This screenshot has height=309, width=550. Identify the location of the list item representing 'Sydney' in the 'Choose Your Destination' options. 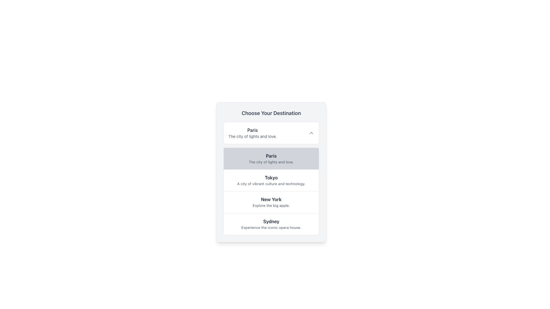
(271, 223).